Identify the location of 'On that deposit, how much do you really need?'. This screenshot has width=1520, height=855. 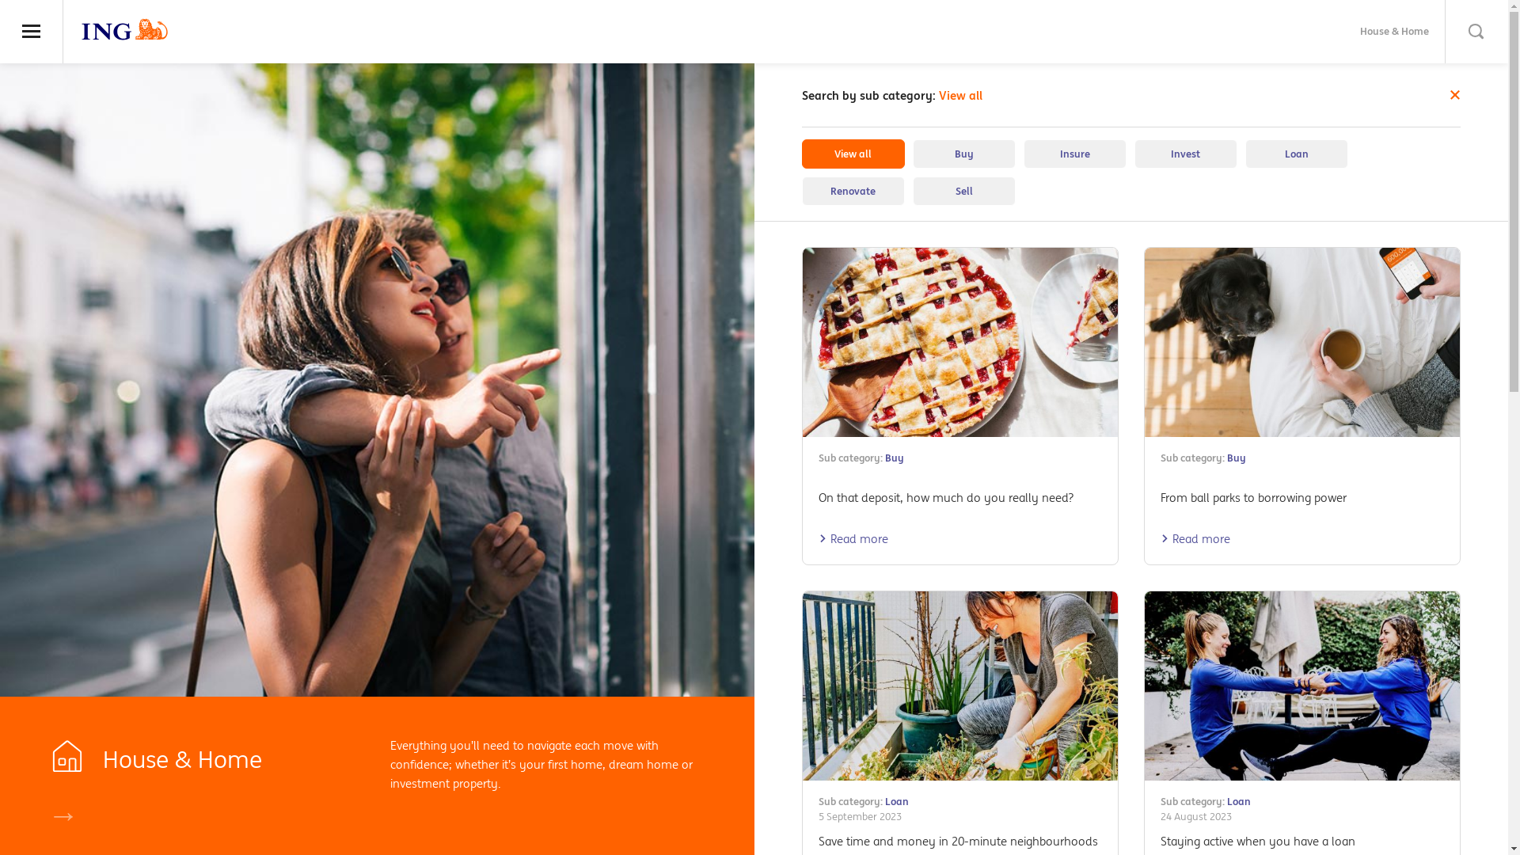
(946, 496).